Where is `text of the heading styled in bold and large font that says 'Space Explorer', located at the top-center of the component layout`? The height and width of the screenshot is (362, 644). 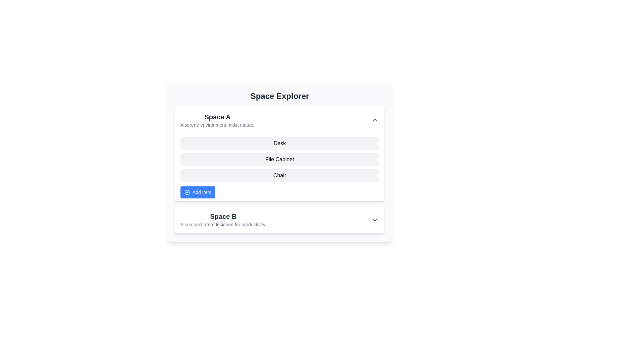
text of the heading styled in bold and large font that says 'Space Explorer', located at the top-center of the component layout is located at coordinates (280, 96).